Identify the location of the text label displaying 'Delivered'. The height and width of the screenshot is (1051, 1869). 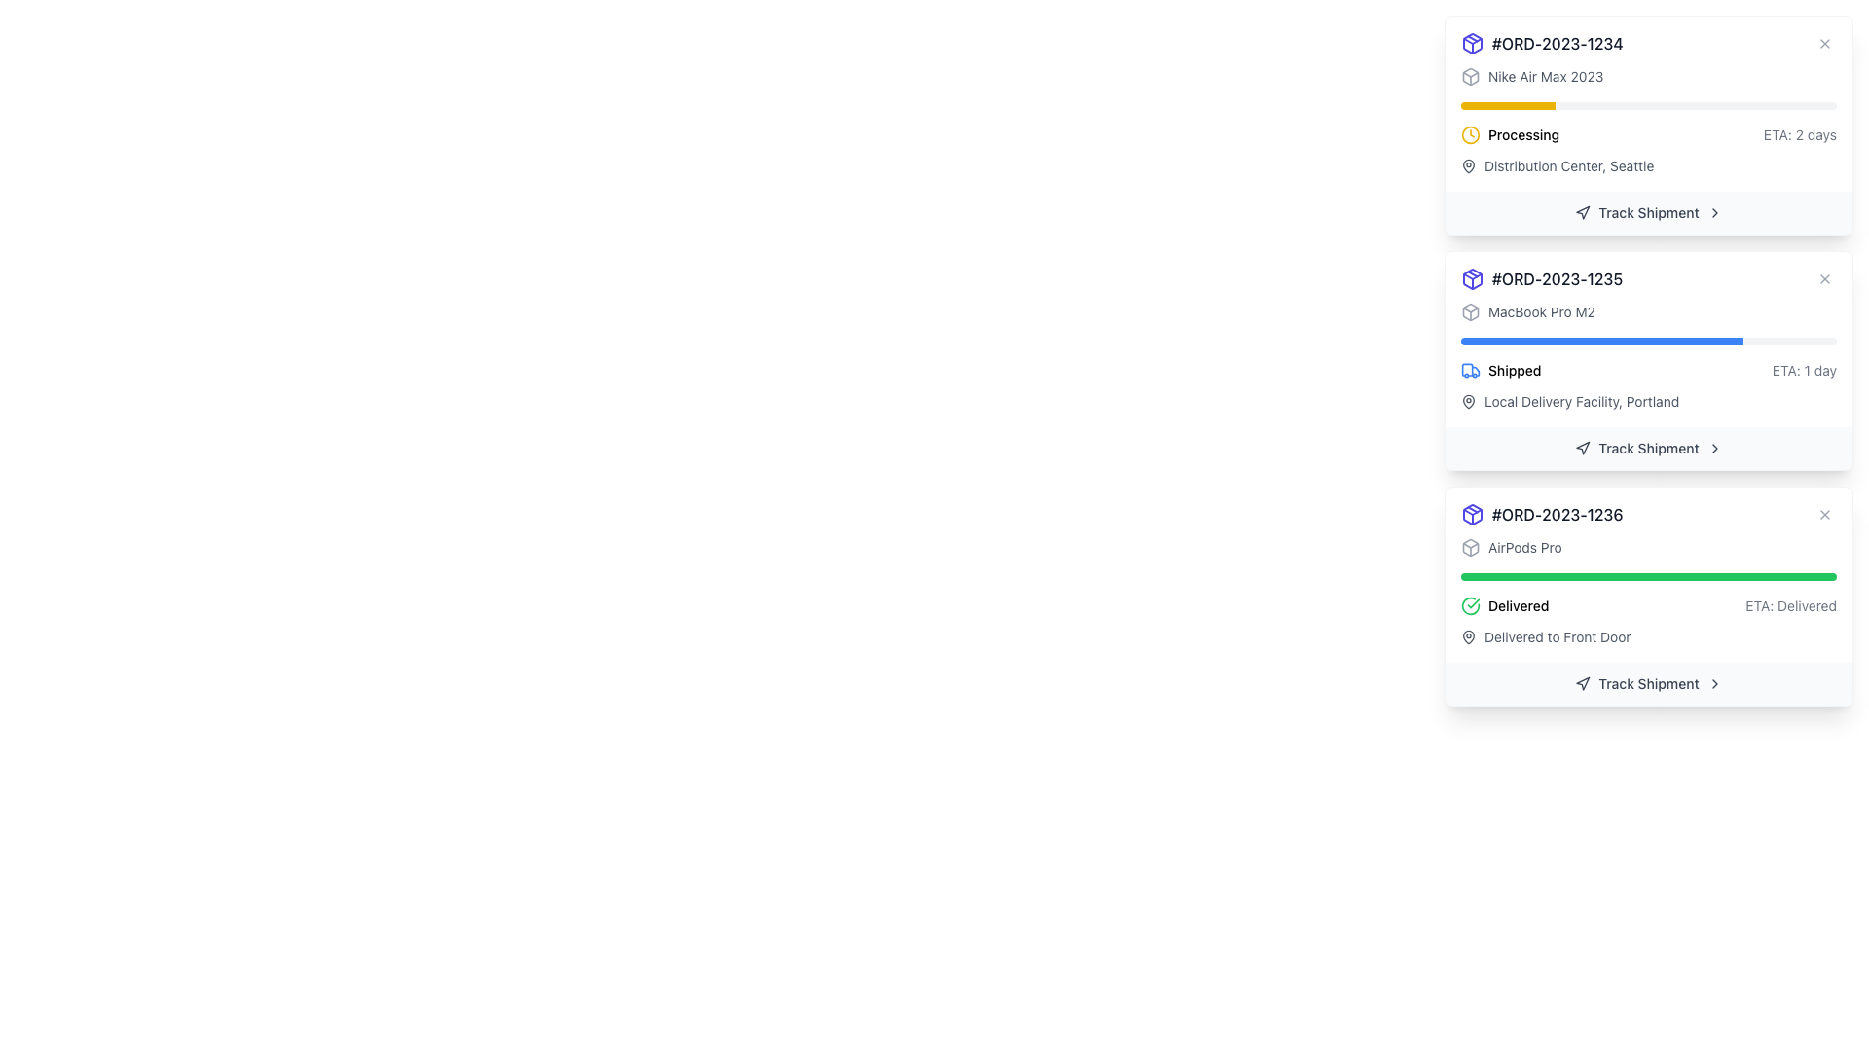
(1518, 605).